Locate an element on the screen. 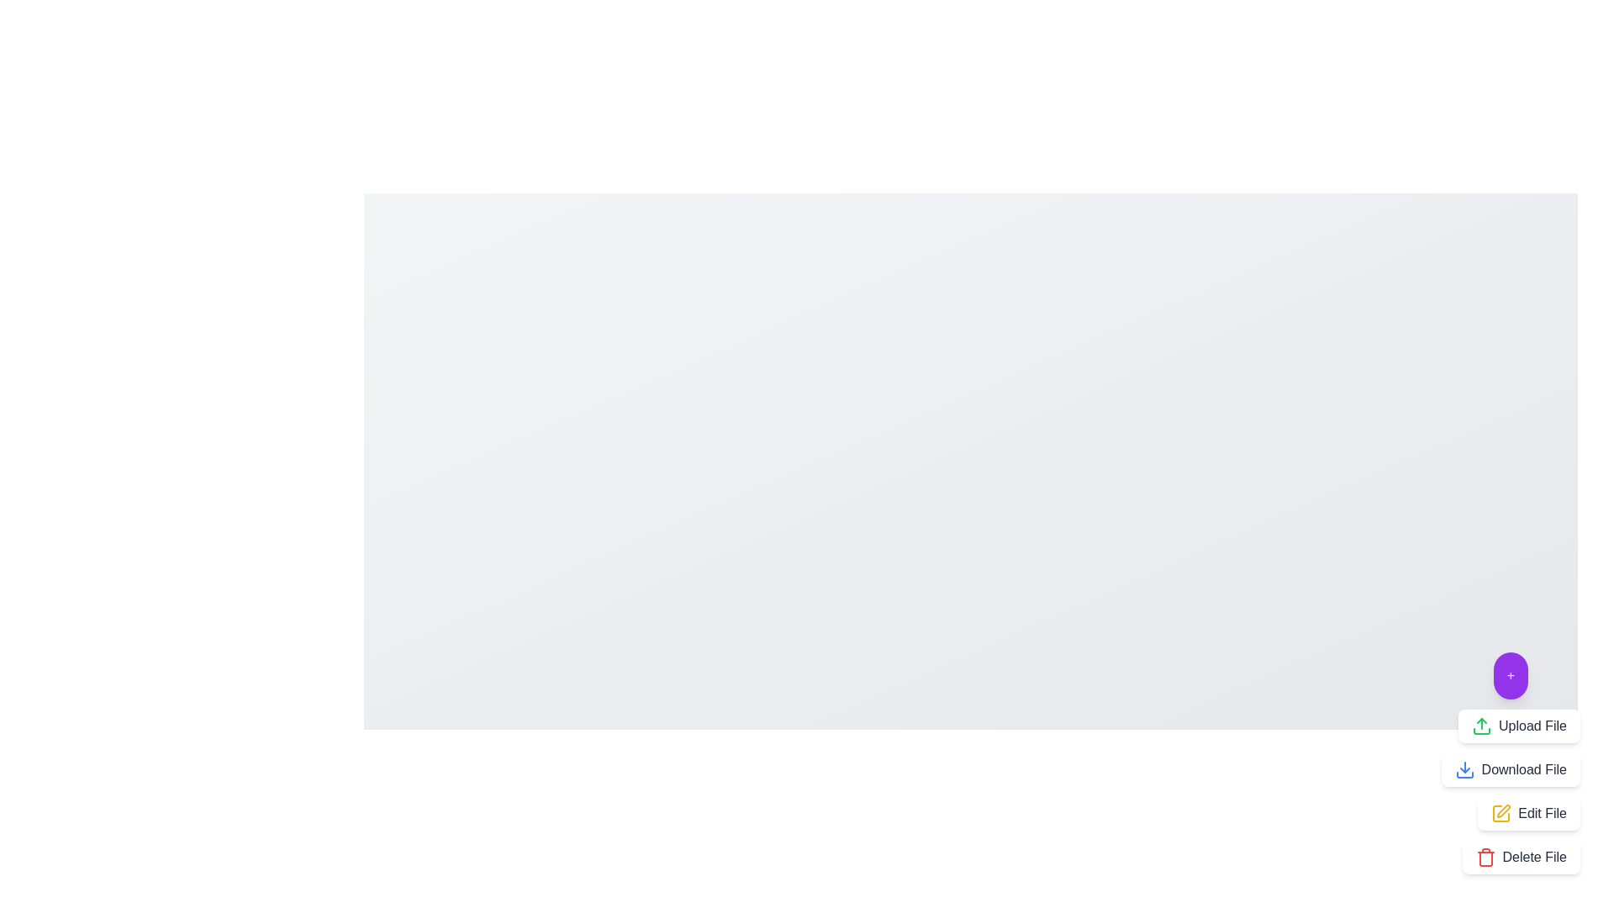  the 'Upload File' button to trigger the upload action is located at coordinates (1519, 726).